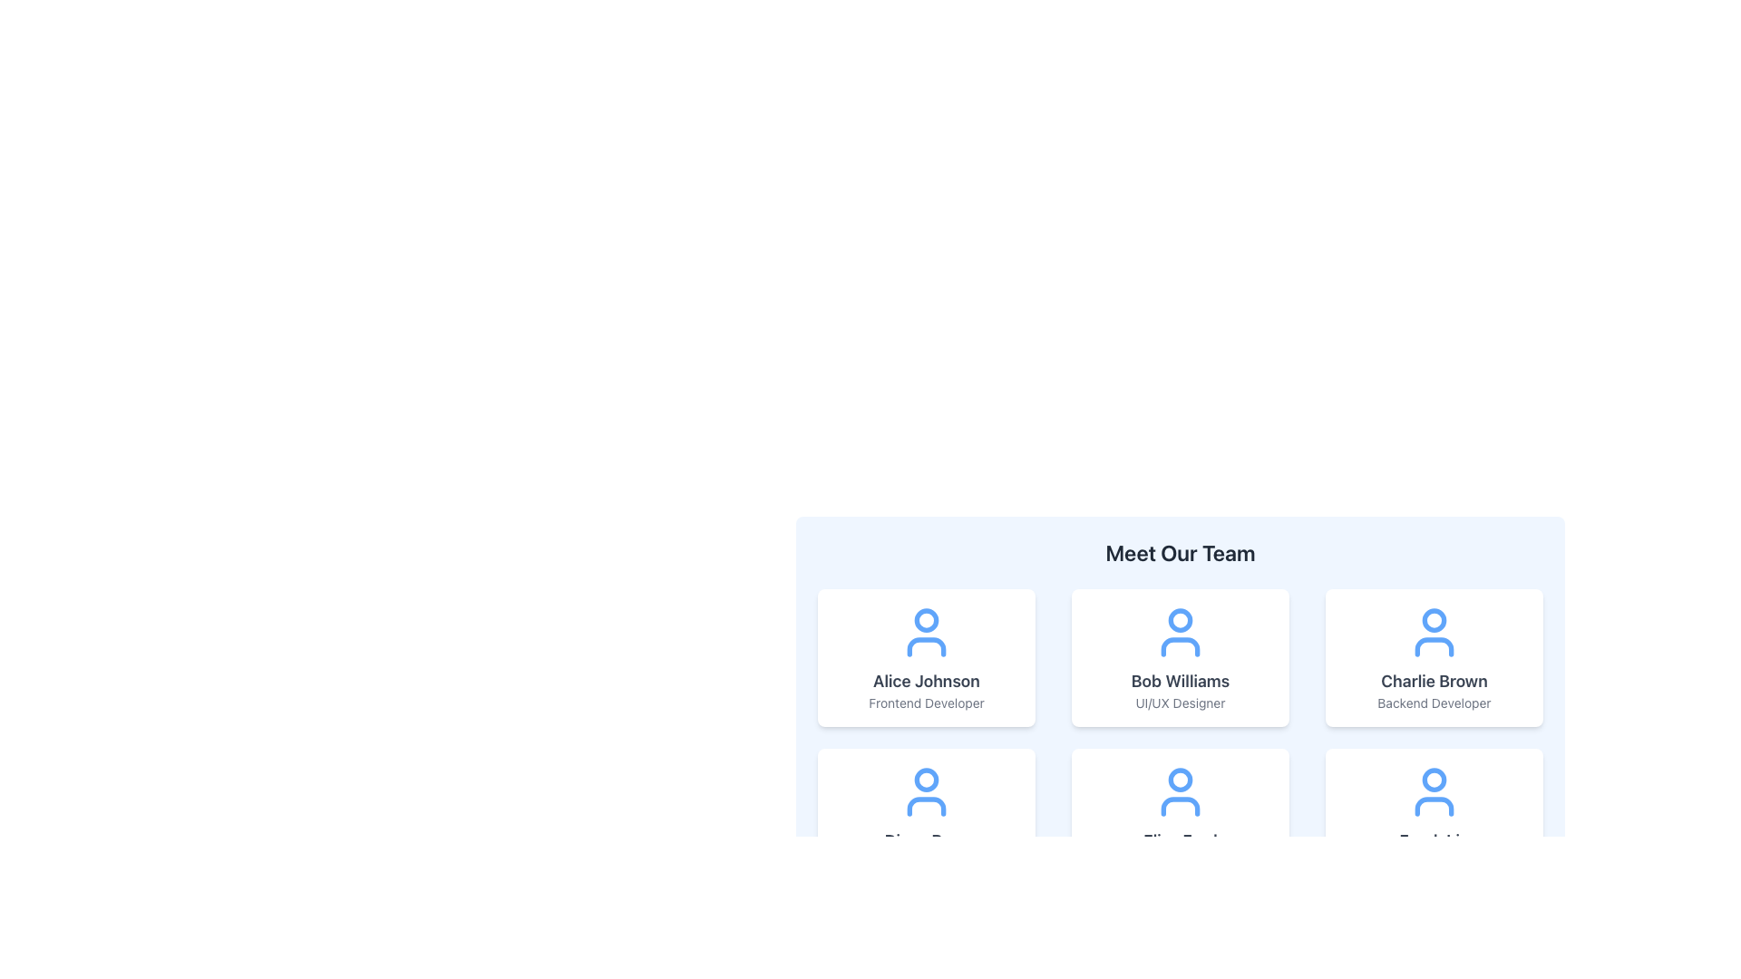 The width and height of the screenshot is (1741, 979). I want to click on the decorative Graphical Circle located at the top-center of the user icon representation for 'Charlie Brown' in the 'Meet Our Team' section, so click(1434, 618).